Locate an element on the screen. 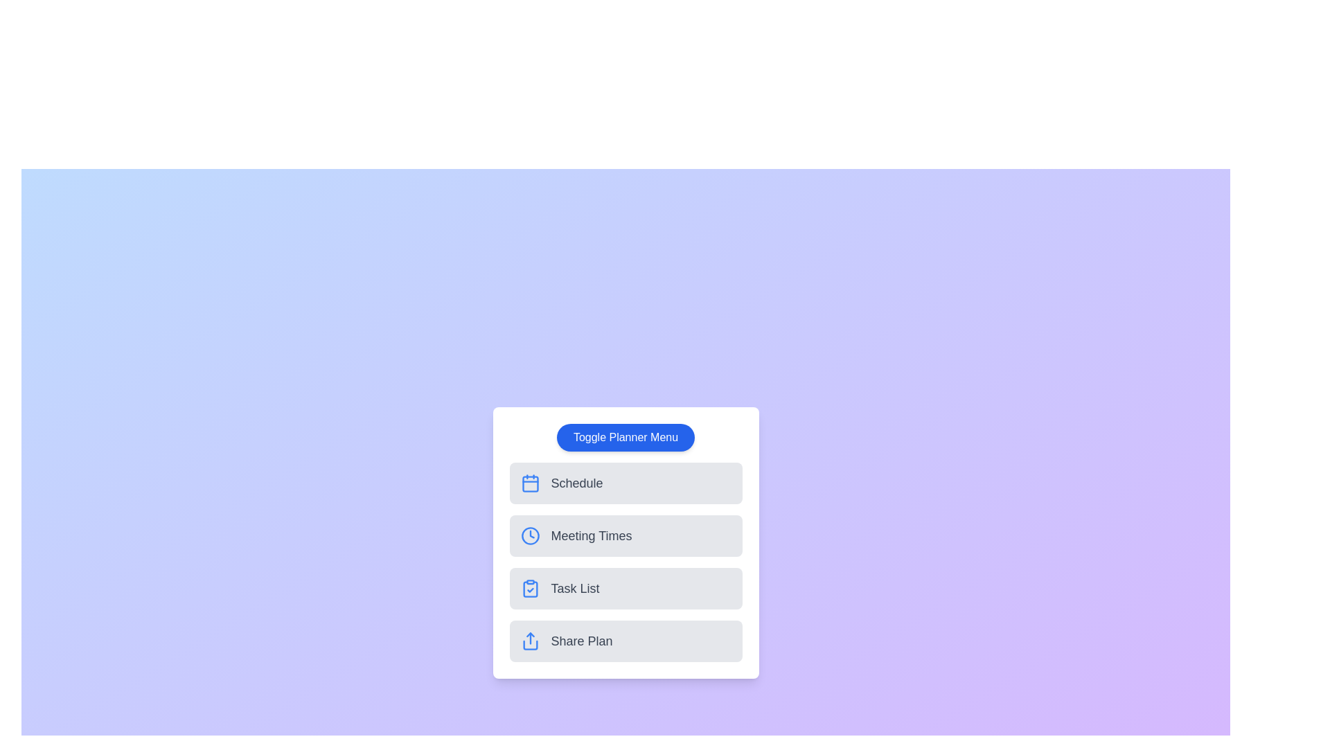  the icon corresponding to Share Plan in the planner menu is located at coordinates (529, 641).